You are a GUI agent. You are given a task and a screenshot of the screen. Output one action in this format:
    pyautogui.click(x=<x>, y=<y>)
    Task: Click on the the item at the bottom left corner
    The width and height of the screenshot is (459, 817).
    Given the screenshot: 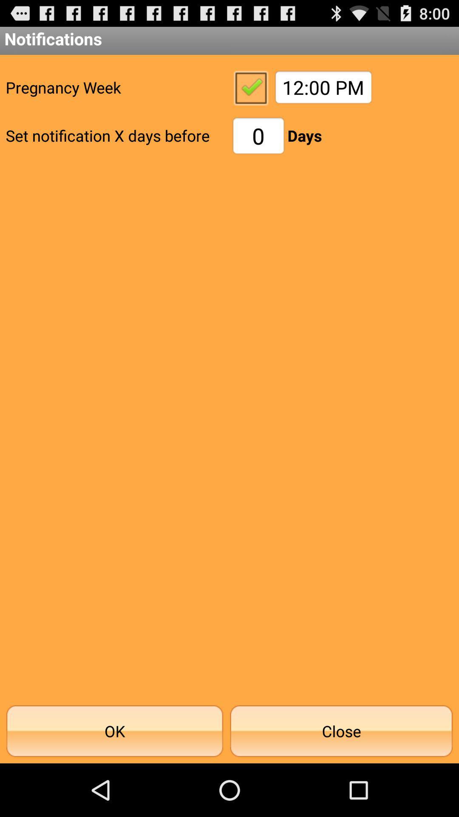 What is the action you would take?
    pyautogui.click(x=115, y=731)
    